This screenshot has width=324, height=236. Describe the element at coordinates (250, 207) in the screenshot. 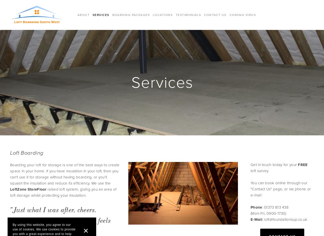

I see `'Phone'` at that location.